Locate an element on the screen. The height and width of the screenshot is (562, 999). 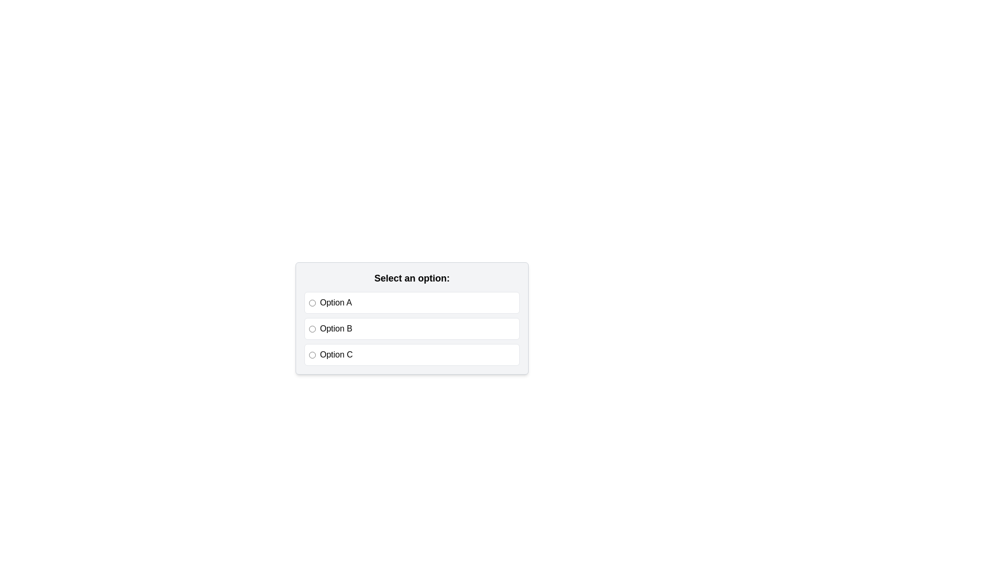
the radio button labeled 'Option C' is located at coordinates (412, 354).